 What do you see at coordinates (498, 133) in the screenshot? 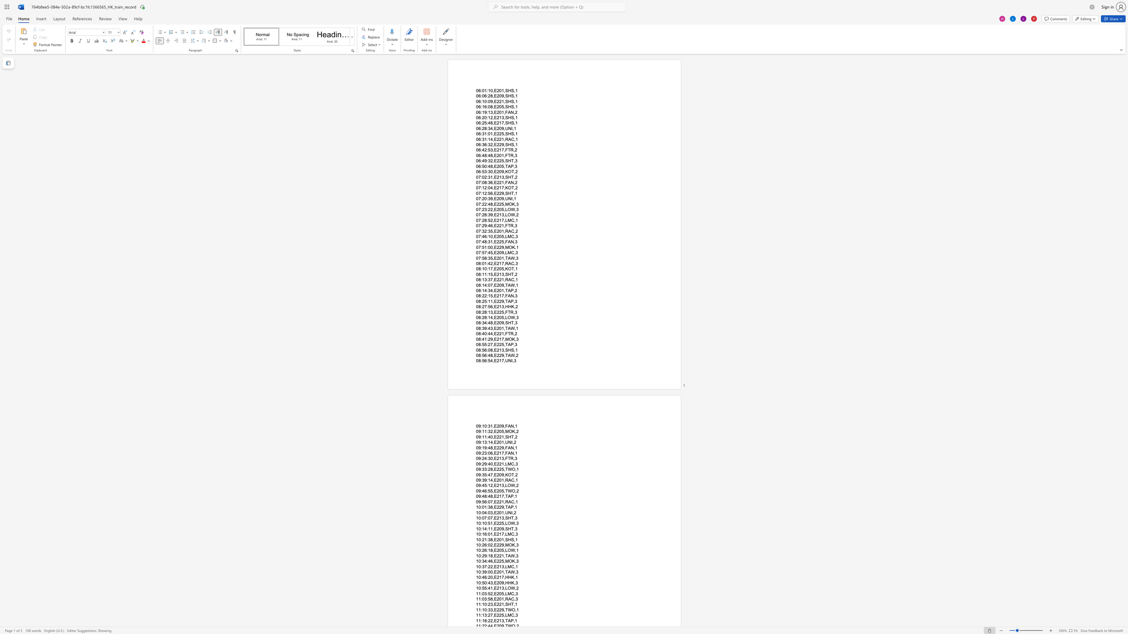
I see `the subset text "25,SHS" within the text "06:31:01,E225,SHS,1"` at bounding box center [498, 133].